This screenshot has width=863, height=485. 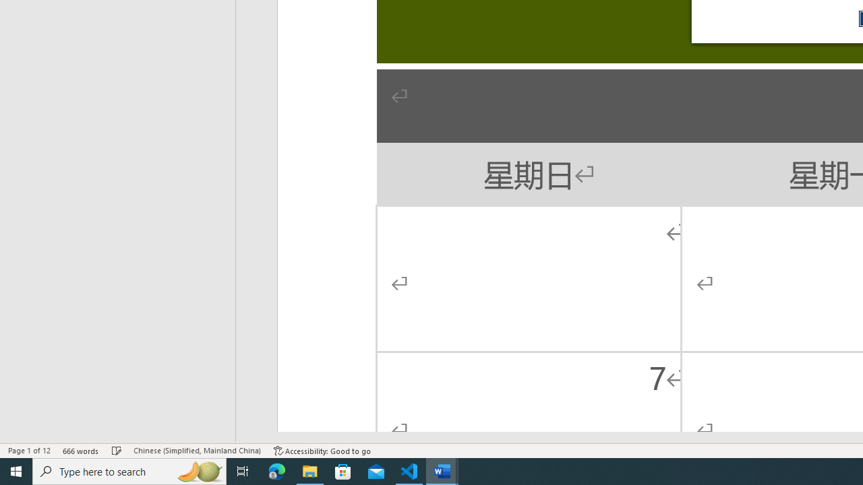 I want to click on 'Word - 2 running windows', so click(x=442, y=470).